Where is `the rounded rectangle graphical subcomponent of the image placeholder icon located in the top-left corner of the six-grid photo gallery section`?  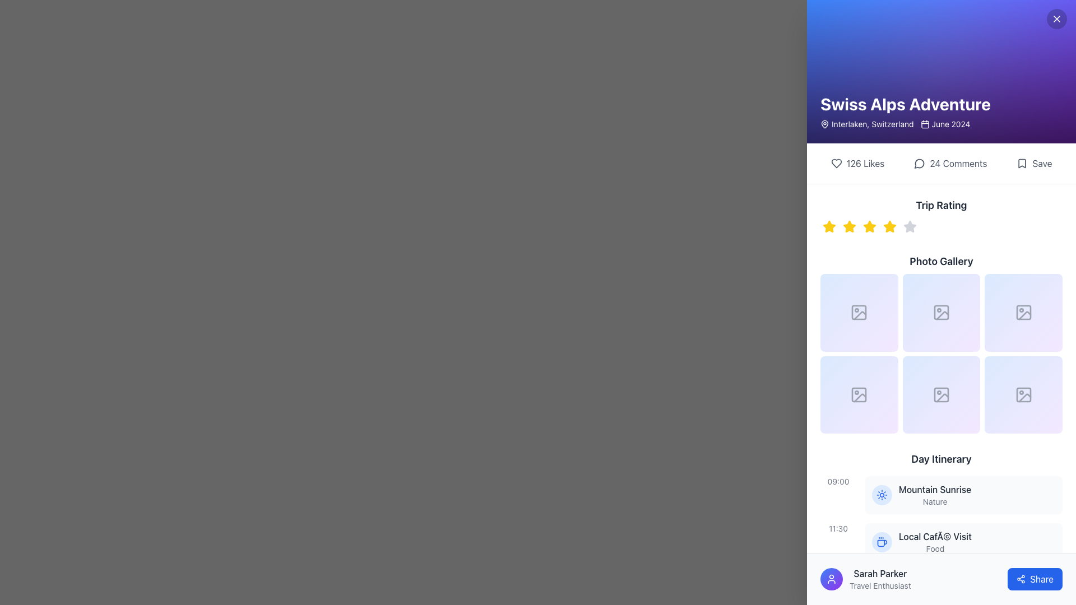 the rounded rectangle graphical subcomponent of the image placeholder icon located in the top-left corner of the six-grid photo gallery section is located at coordinates (859, 313).